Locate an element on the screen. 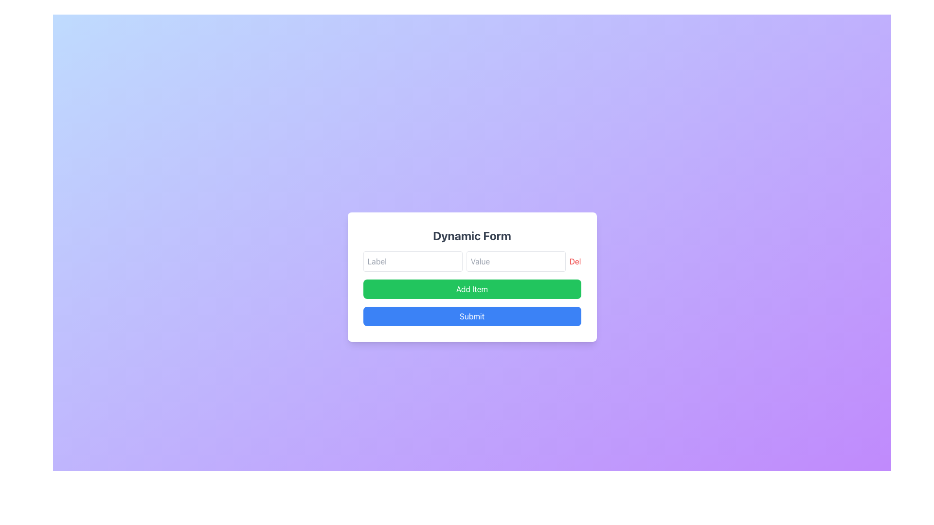 This screenshot has width=934, height=525. the centered header text 'Dynamic Form' which is styled with a large, bold font and gray color, located at the top of a white, rounded rectangle card is located at coordinates (472, 236).